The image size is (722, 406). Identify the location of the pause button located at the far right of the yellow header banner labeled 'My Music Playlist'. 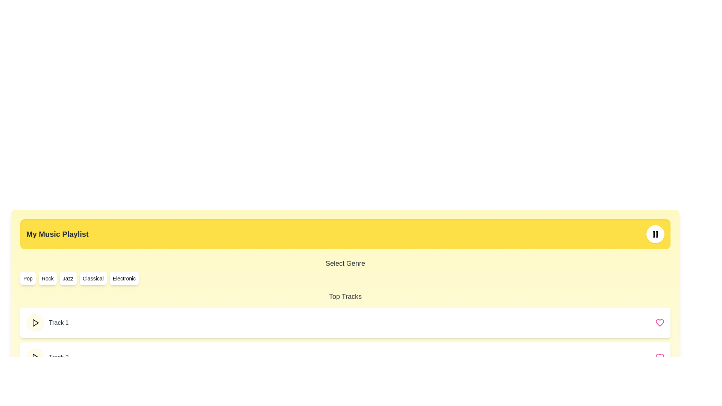
(655, 234).